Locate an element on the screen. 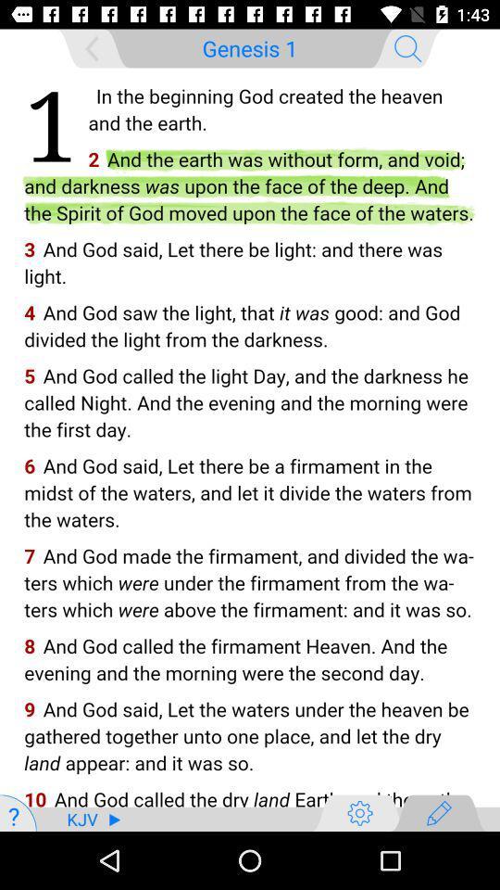 This screenshot has height=890, width=500. the search icon is located at coordinates (407, 47).